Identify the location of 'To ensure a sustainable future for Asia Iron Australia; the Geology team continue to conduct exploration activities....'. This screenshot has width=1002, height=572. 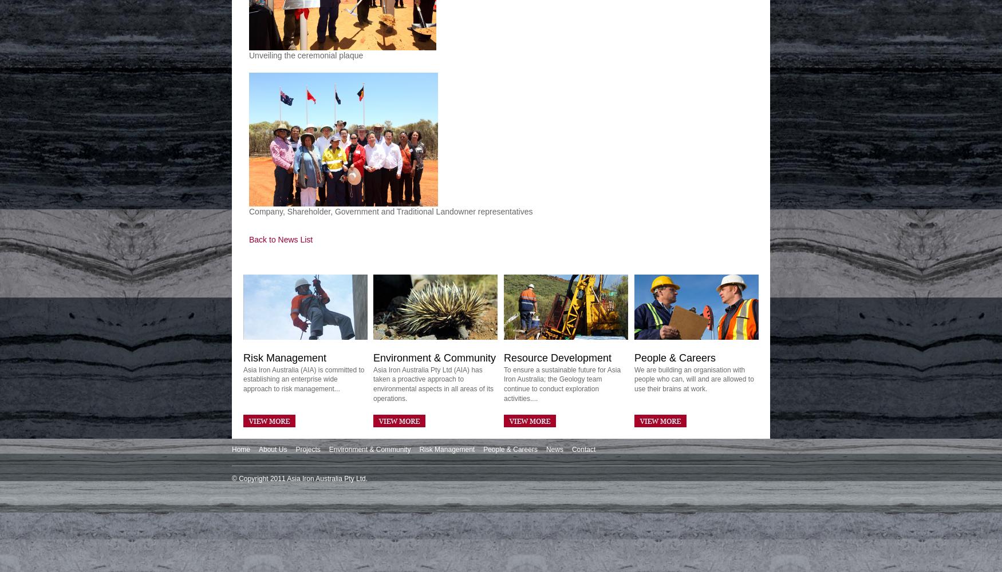
(562, 384).